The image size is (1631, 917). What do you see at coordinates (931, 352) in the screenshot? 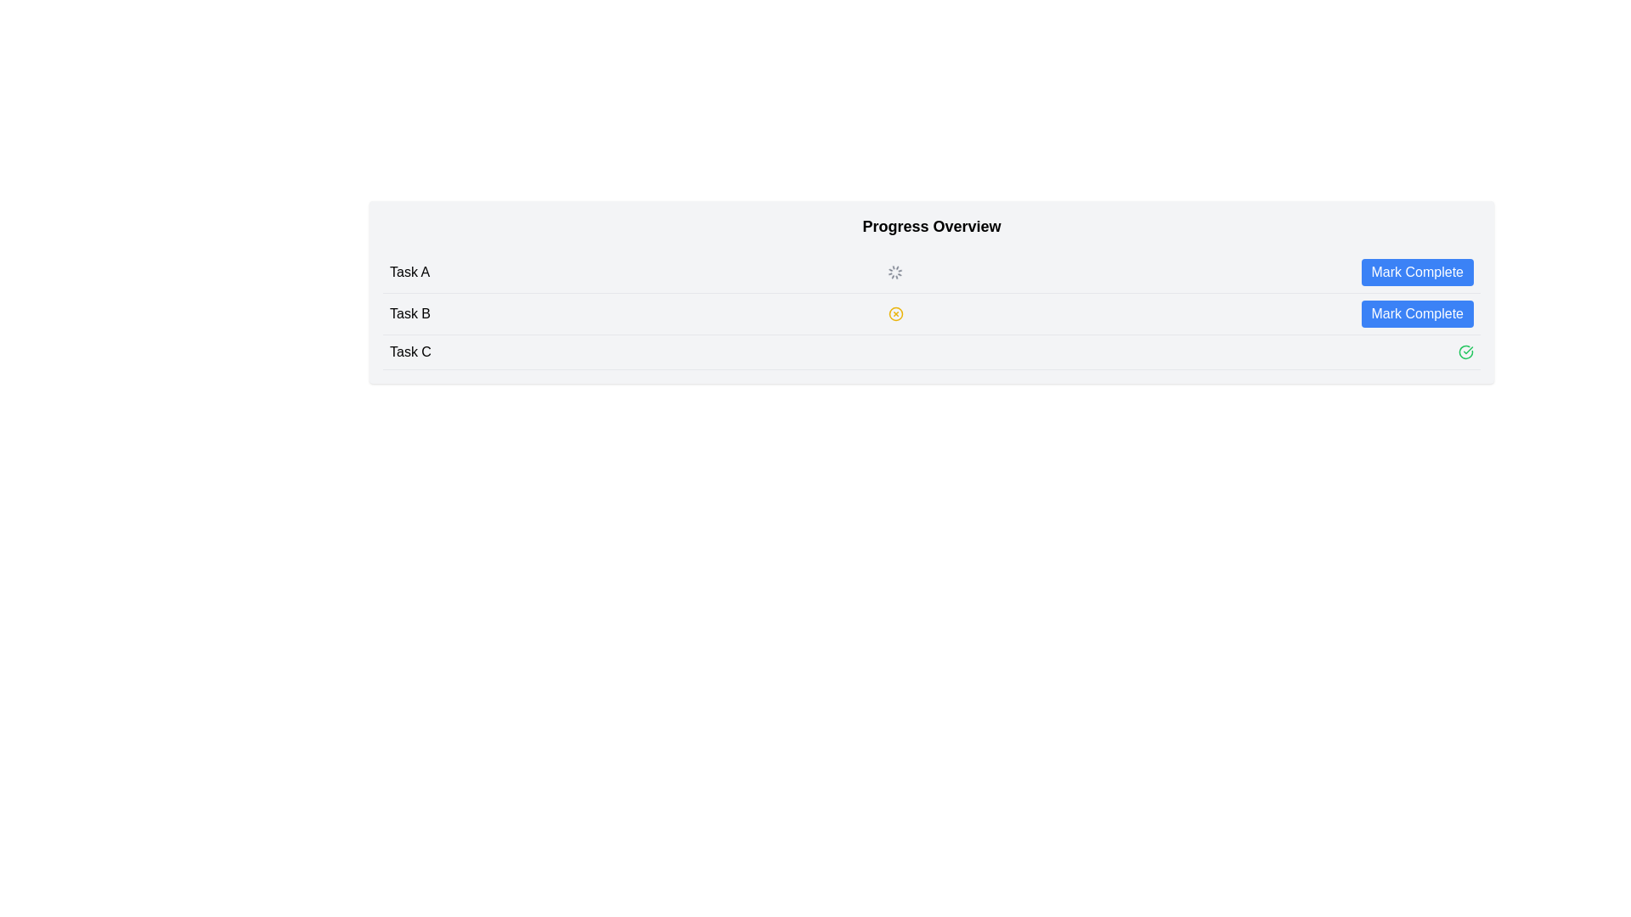
I see `the status indicator of the task labeled 'Task C', which is the third item in a vertical list of tasks` at bounding box center [931, 352].